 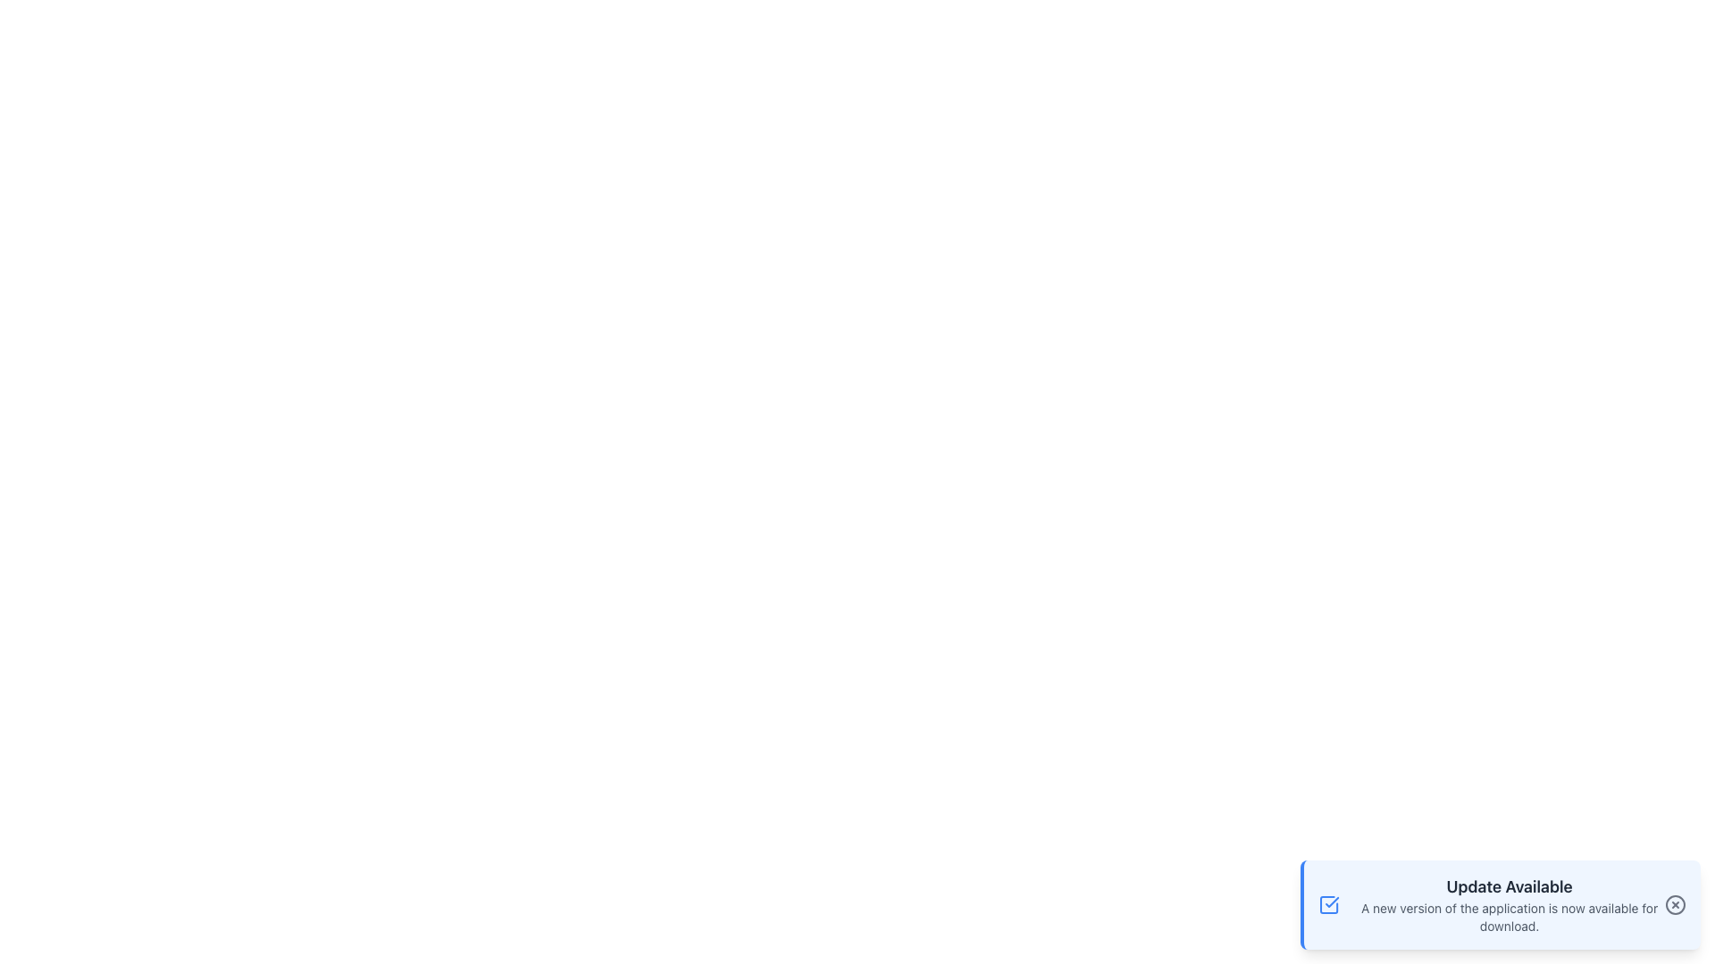 What do you see at coordinates (1329, 905) in the screenshot?
I see `the leftmost icon in the notification box located in the lower right corner of the interface to indicate a successful action or status confirmation` at bounding box center [1329, 905].